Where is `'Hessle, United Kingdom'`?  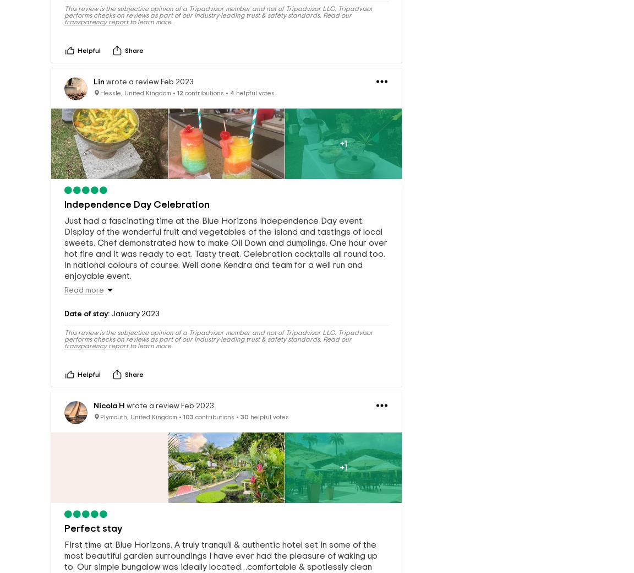
'Hessle, United Kingdom' is located at coordinates (135, 95).